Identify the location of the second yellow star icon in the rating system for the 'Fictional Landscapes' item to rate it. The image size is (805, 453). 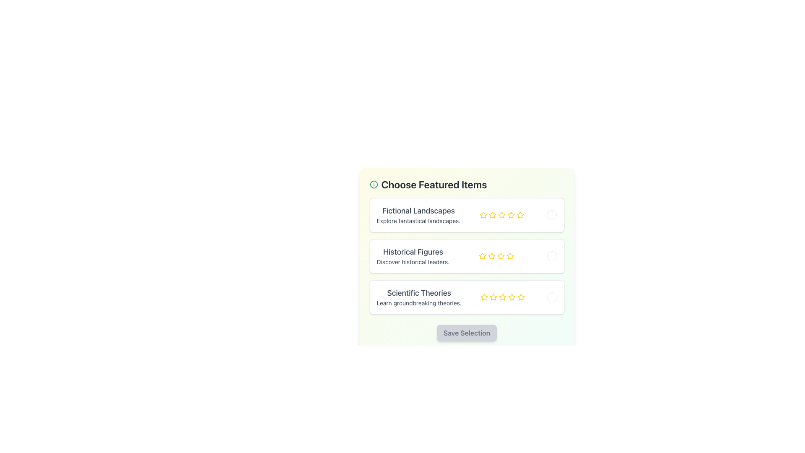
(502, 214).